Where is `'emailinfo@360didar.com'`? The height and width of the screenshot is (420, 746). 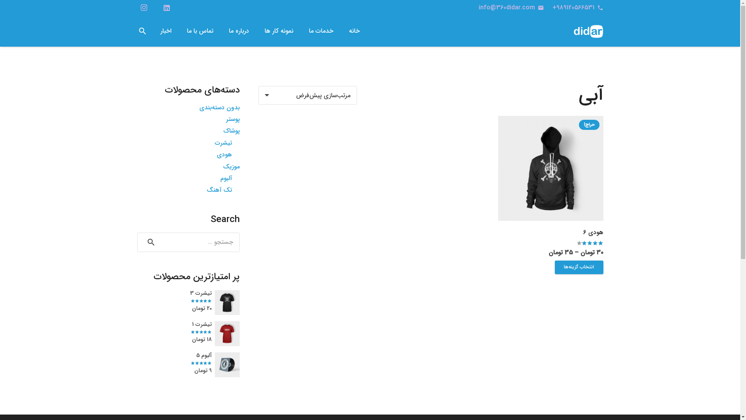
'emailinfo@360didar.com' is located at coordinates (511, 7).